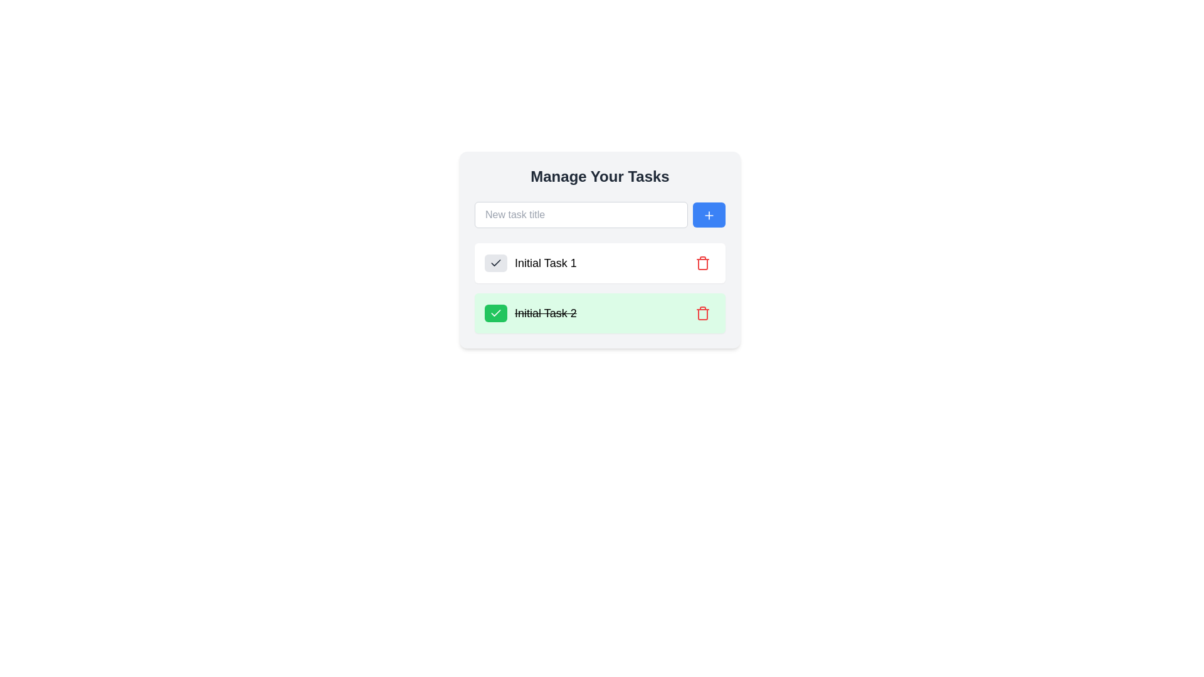 The image size is (1204, 677). I want to click on the delete button located at the far right side of the task item labeled 'Initial Task 2' in the 'Manage Your Tasks' section, so click(703, 313).